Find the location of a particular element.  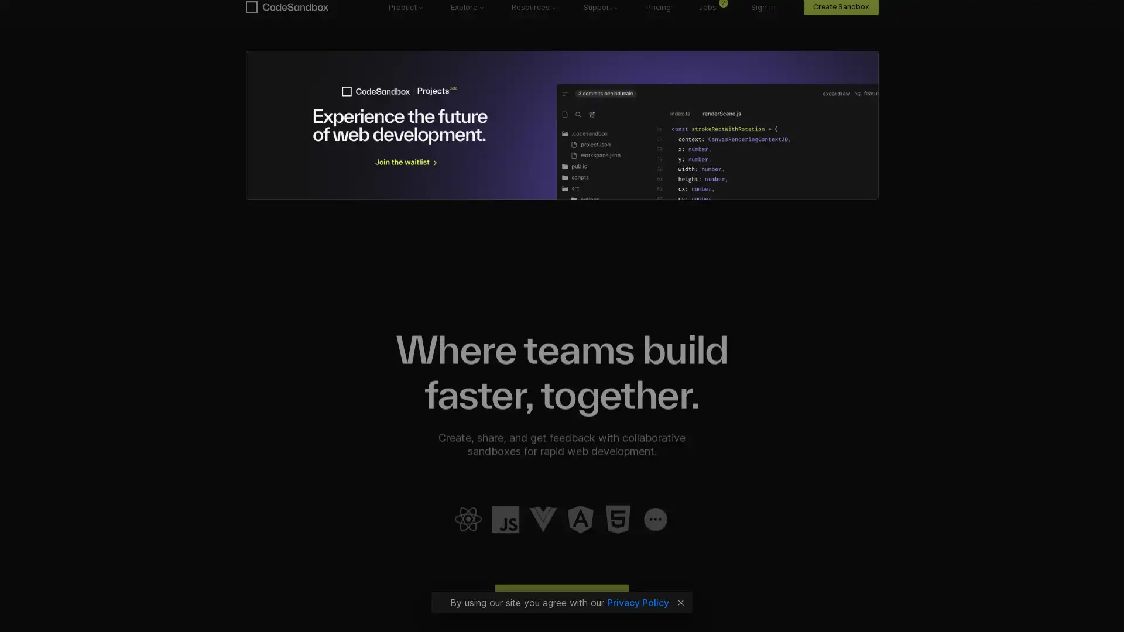

Support is located at coordinates (600, 13).